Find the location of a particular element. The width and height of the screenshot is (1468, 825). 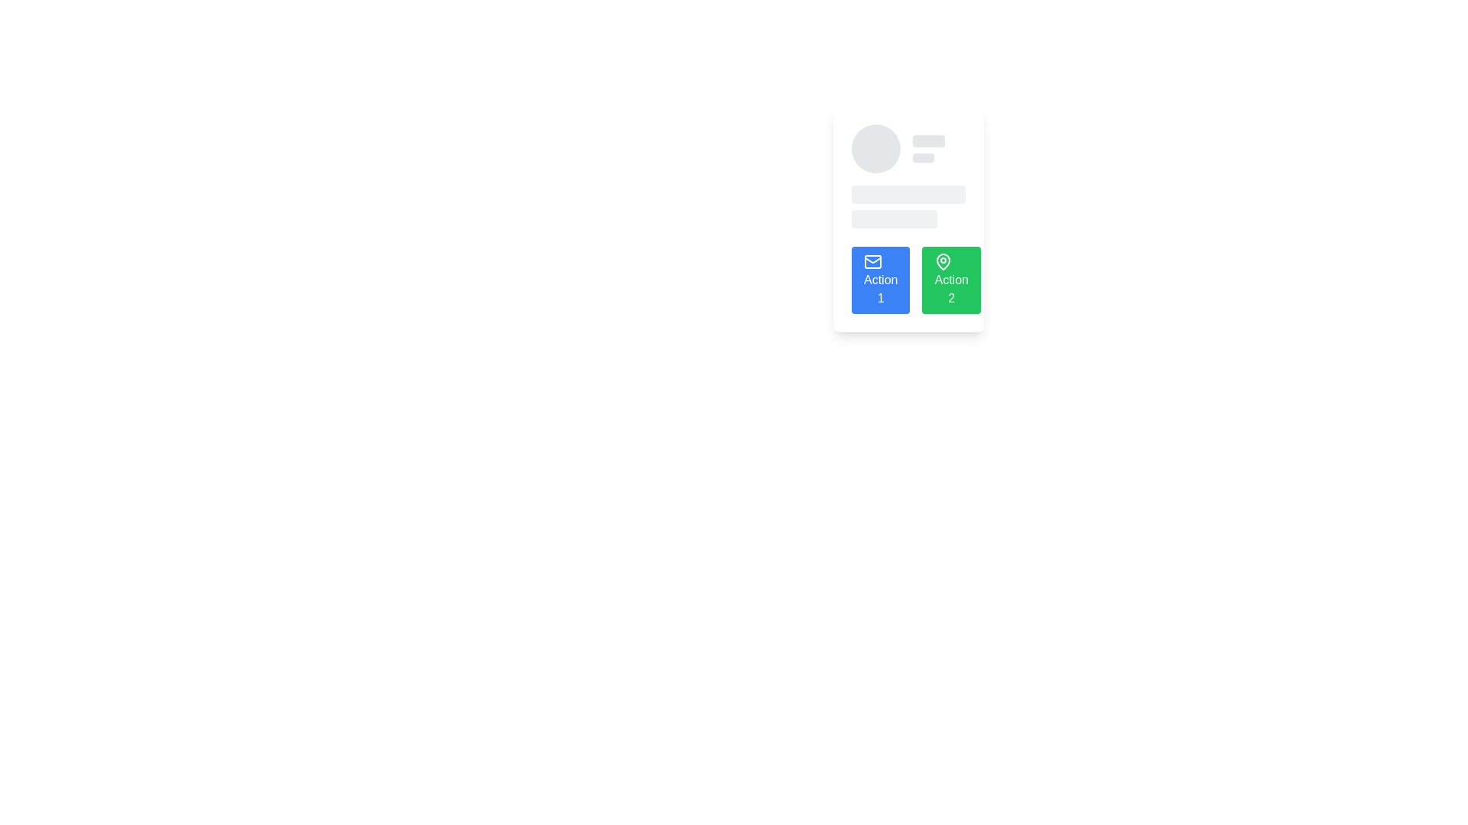

the pin icon, which is located inside the green button representing 'Action 2', to the right of the blue button labeled 'Action 1' is located at coordinates (943, 261).